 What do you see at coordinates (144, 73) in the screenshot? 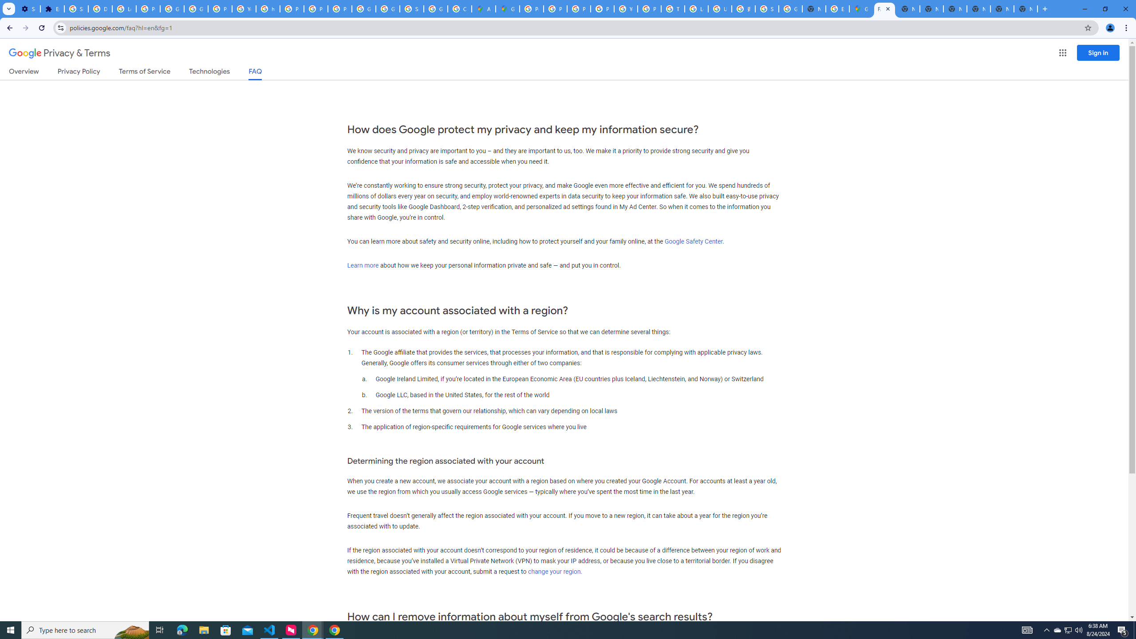
I see `'Terms of Service'` at bounding box center [144, 73].